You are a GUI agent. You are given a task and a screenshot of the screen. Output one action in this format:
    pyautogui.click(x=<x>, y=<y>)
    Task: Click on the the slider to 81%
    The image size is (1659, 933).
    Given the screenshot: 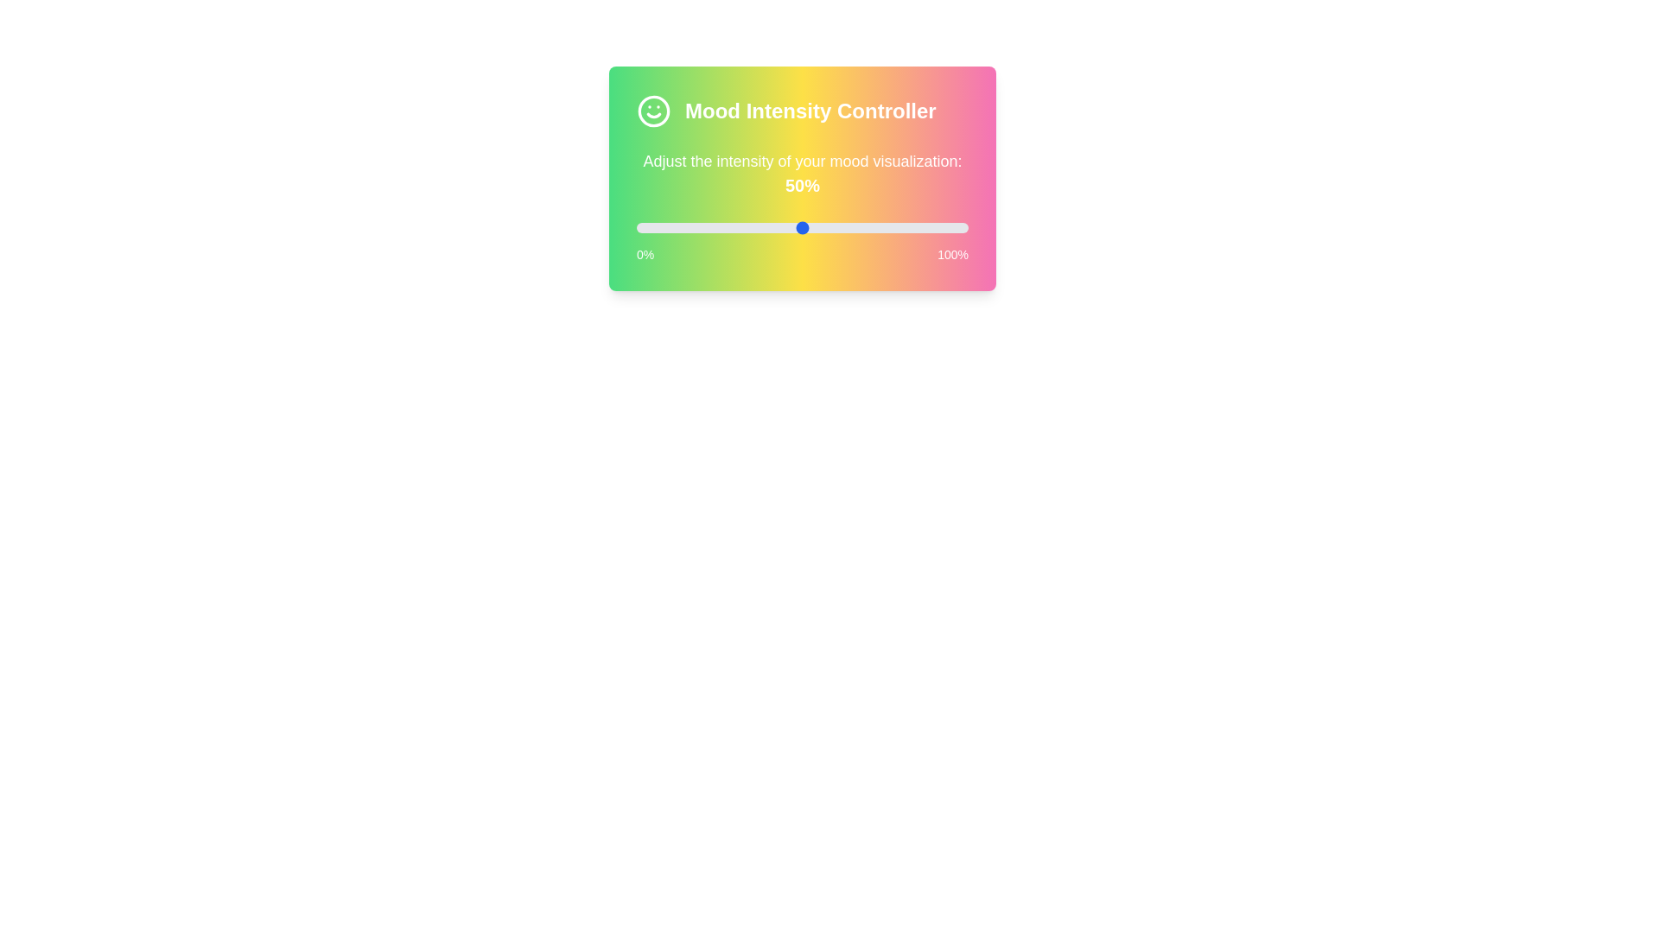 What is the action you would take?
    pyautogui.click(x=905, y=226)
    